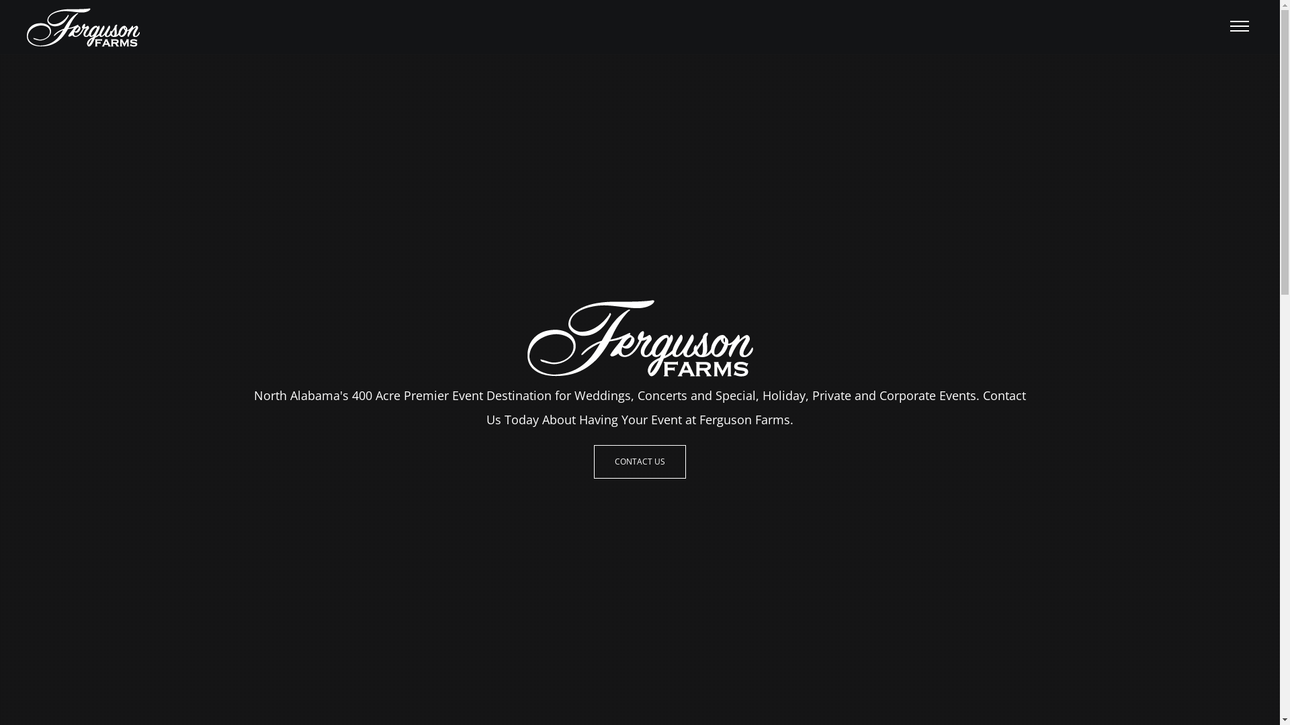 The image size is (1290, 725). I want to click on 'CONTACT US', so click(639, 461).